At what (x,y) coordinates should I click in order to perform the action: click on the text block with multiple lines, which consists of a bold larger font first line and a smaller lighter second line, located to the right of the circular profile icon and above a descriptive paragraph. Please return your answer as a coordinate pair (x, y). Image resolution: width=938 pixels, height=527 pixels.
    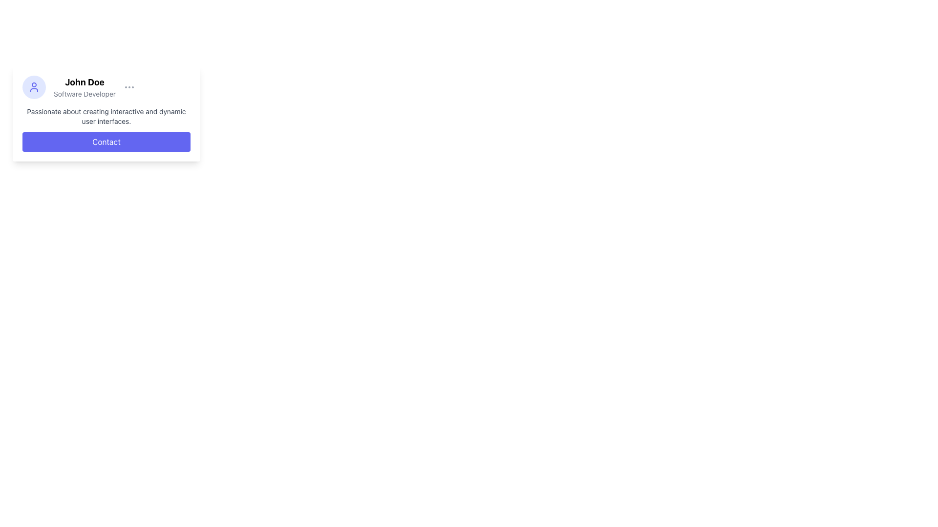
    Looking at the image, I should click on (85, 86).